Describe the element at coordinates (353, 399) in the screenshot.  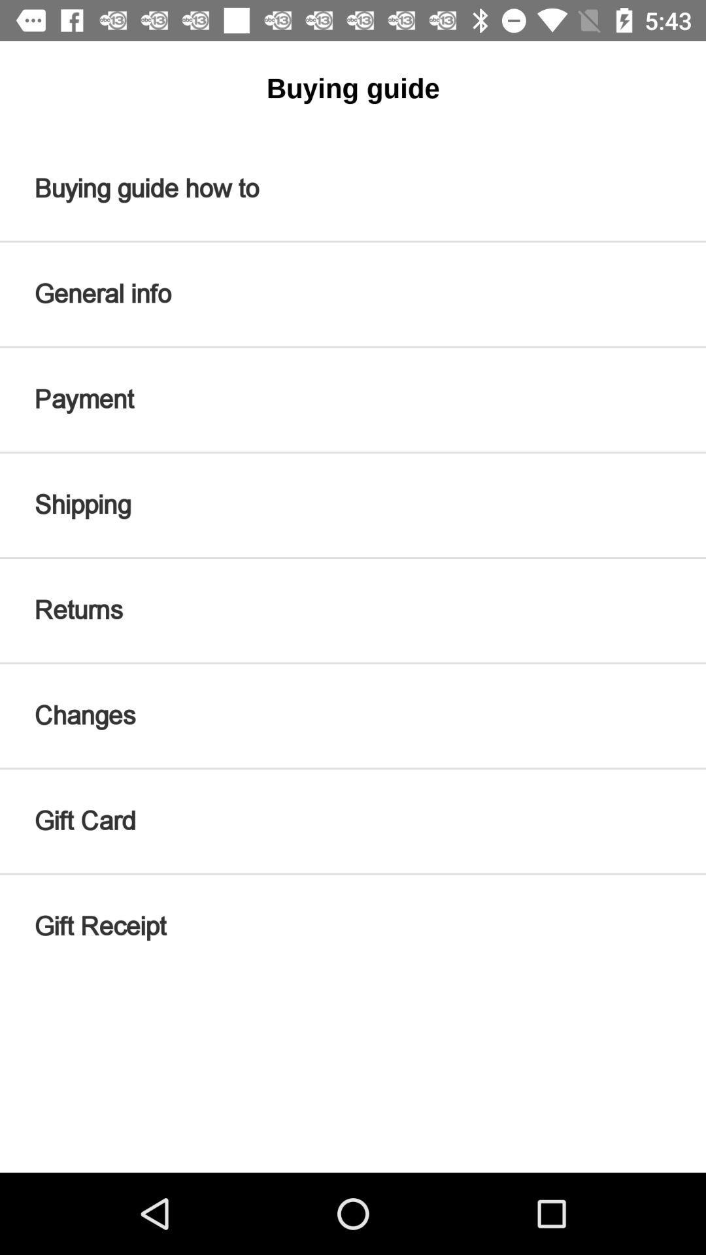
I see `item above the shipping` at that location.